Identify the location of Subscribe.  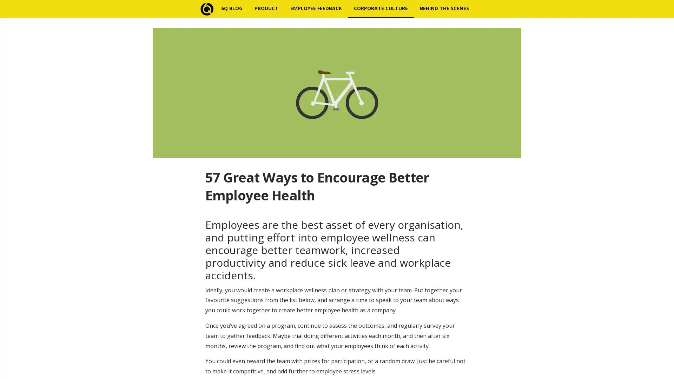
(414, 369).